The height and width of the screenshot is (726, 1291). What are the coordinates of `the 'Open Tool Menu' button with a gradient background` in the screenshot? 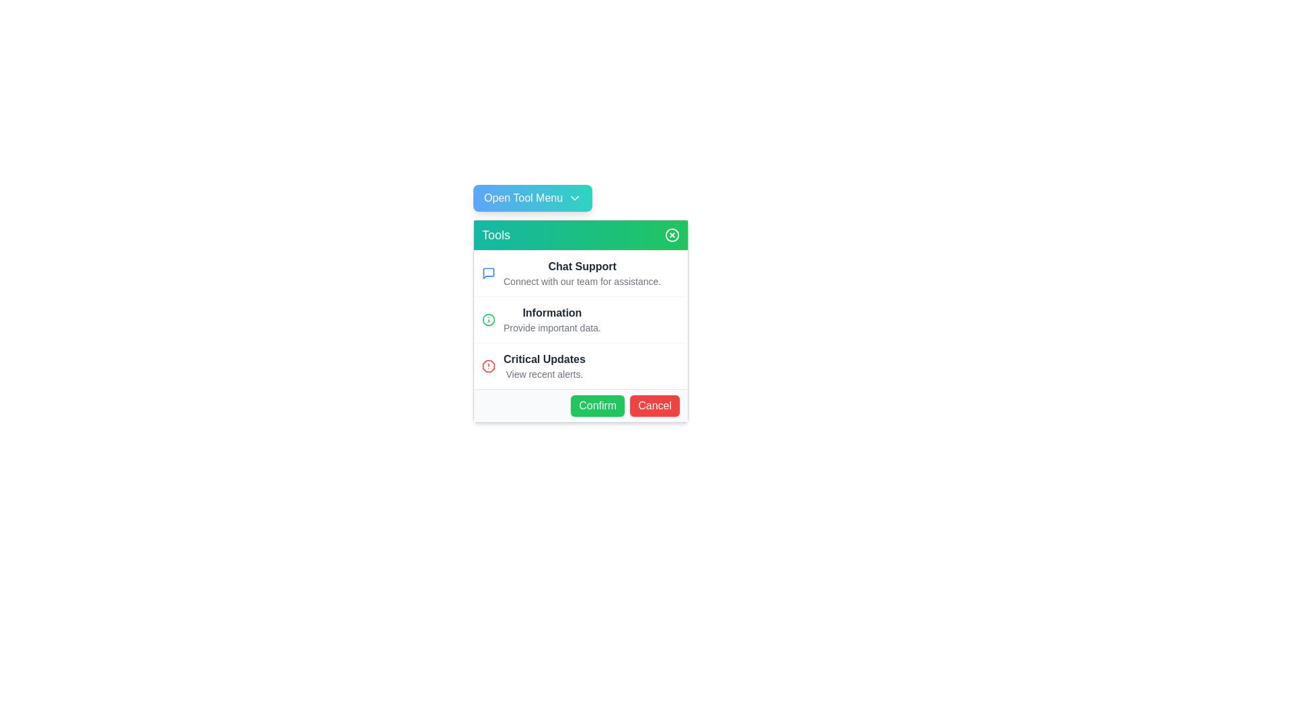 It's located at (532, 198).